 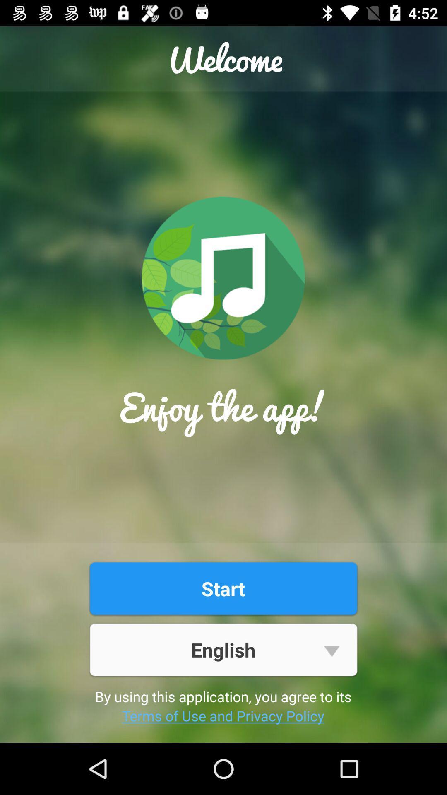 I want to click on app above the by using this app, so click(x=223, y=649).